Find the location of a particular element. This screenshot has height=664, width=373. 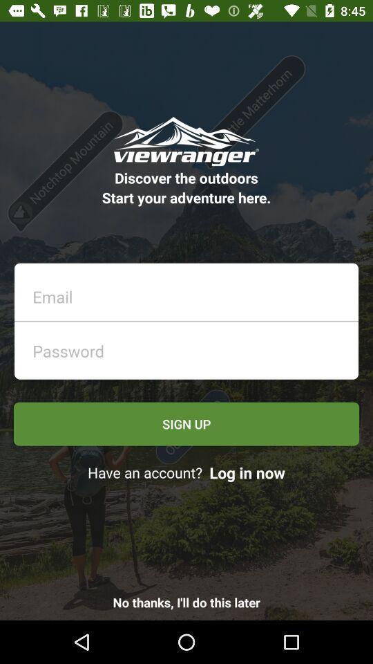

type password is located at coordinates (190, 347).